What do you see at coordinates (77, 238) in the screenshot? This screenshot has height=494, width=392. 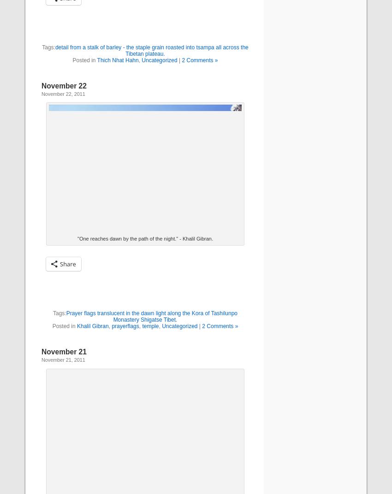 I see `'"One reaches dawn by the path of the night." - Khalil Gibran.'` at bounding box center [77, 238].